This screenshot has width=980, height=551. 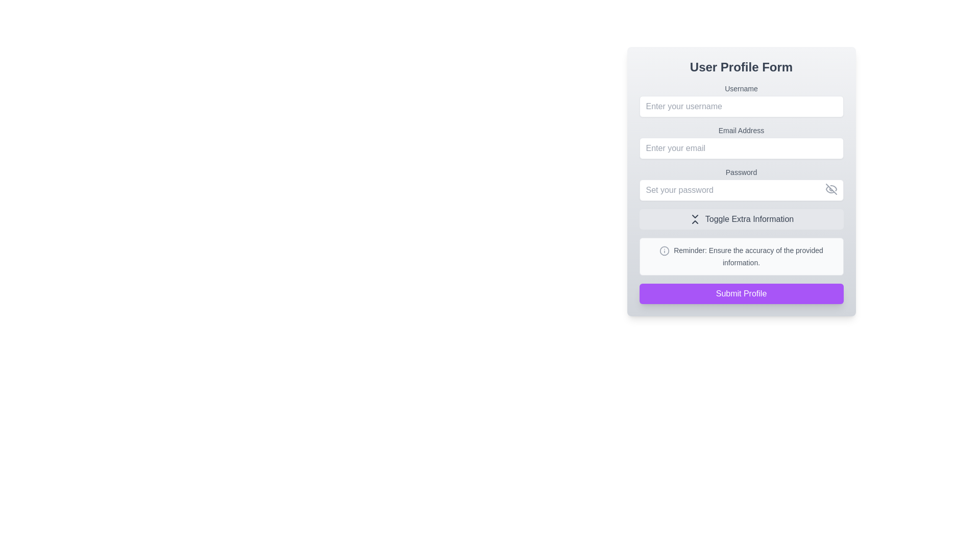 I want to click on the informational text that reminds users to review their data before submission, which is located below the 'Toggle Extra Information' button and above the 'Submit Profile' button, so click(x=748, y=256).